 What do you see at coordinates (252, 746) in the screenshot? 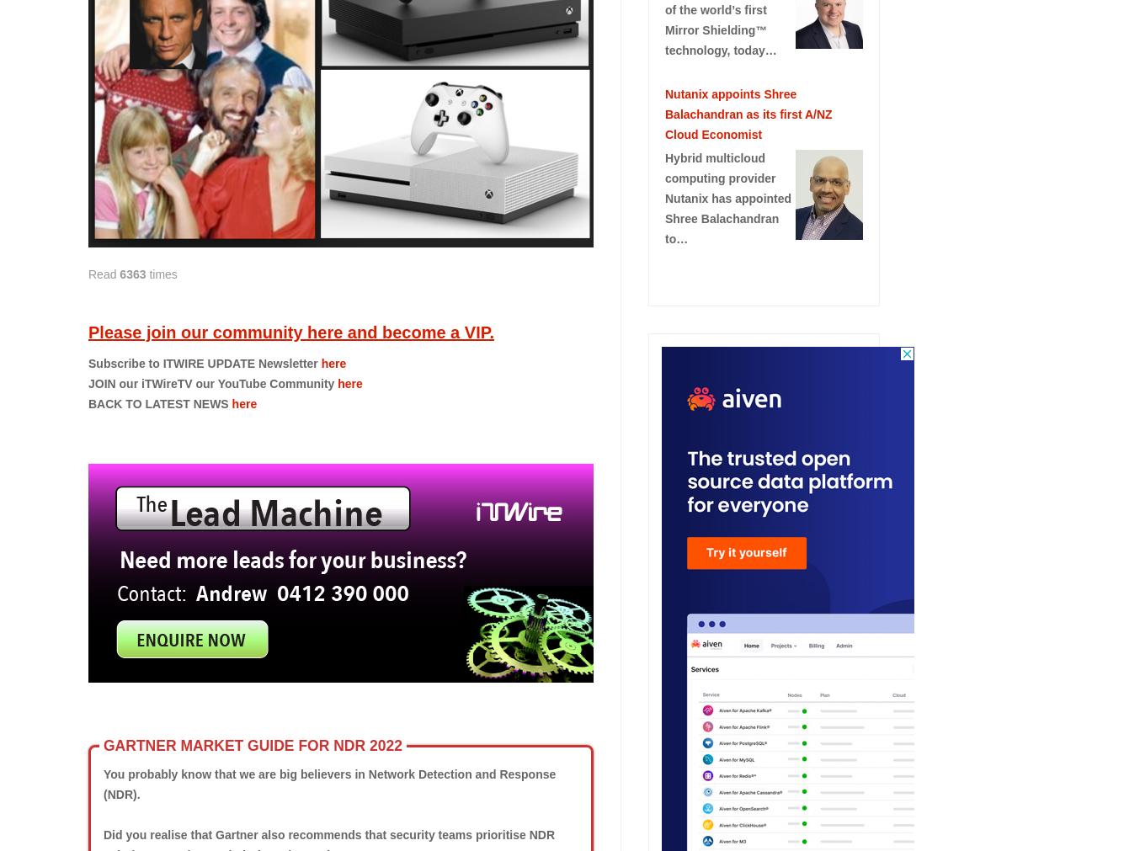
I see `'GARTNER MARKET GUIDE FOR NDR 2022'` at bounding box center [252, 746].